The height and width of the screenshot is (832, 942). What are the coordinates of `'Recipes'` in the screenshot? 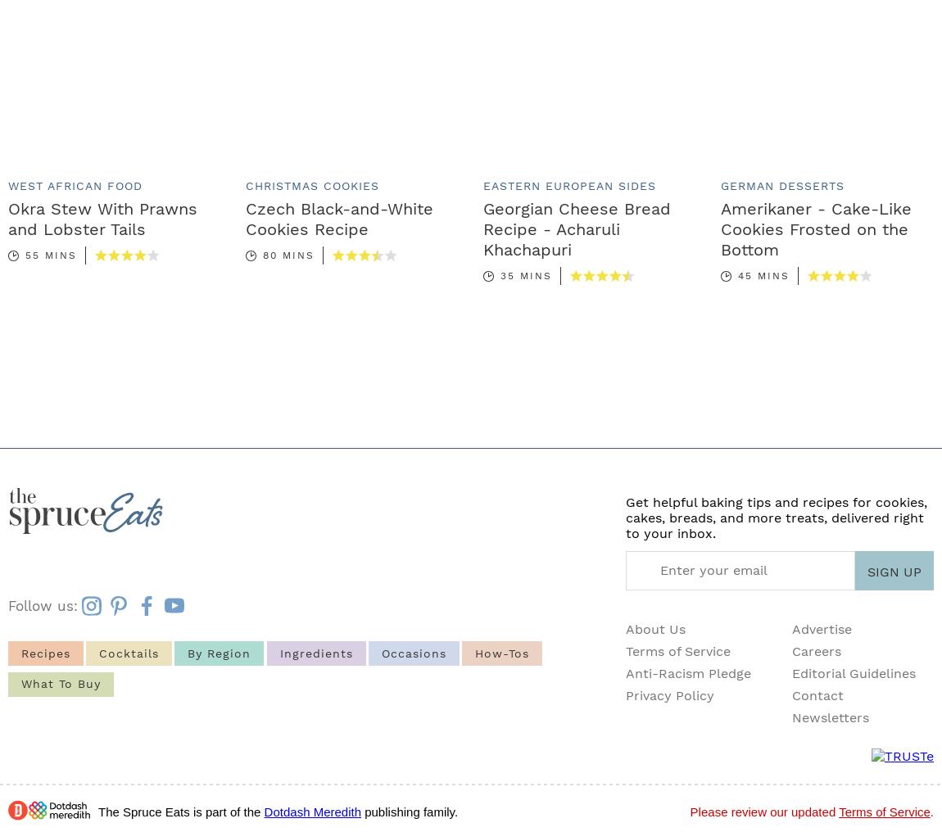 It's located at (20, 651).